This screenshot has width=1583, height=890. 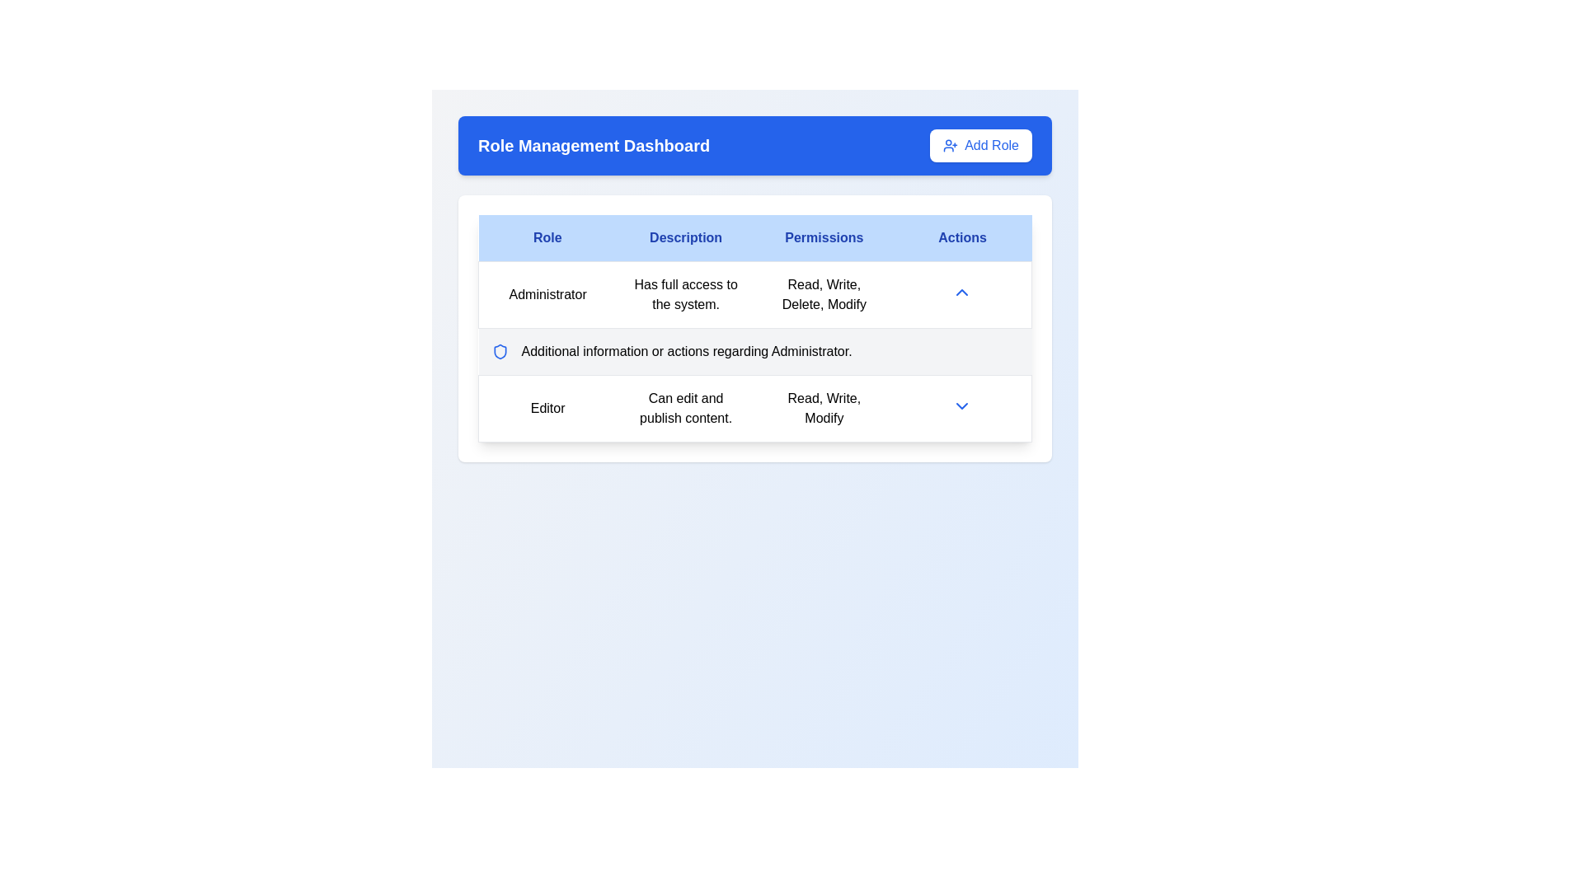 I want to click on the small upward-pointing chevron icon styled in blue located in the 'Actions' column of the row for the 'Administrator' role, so click(x=962, y=291).